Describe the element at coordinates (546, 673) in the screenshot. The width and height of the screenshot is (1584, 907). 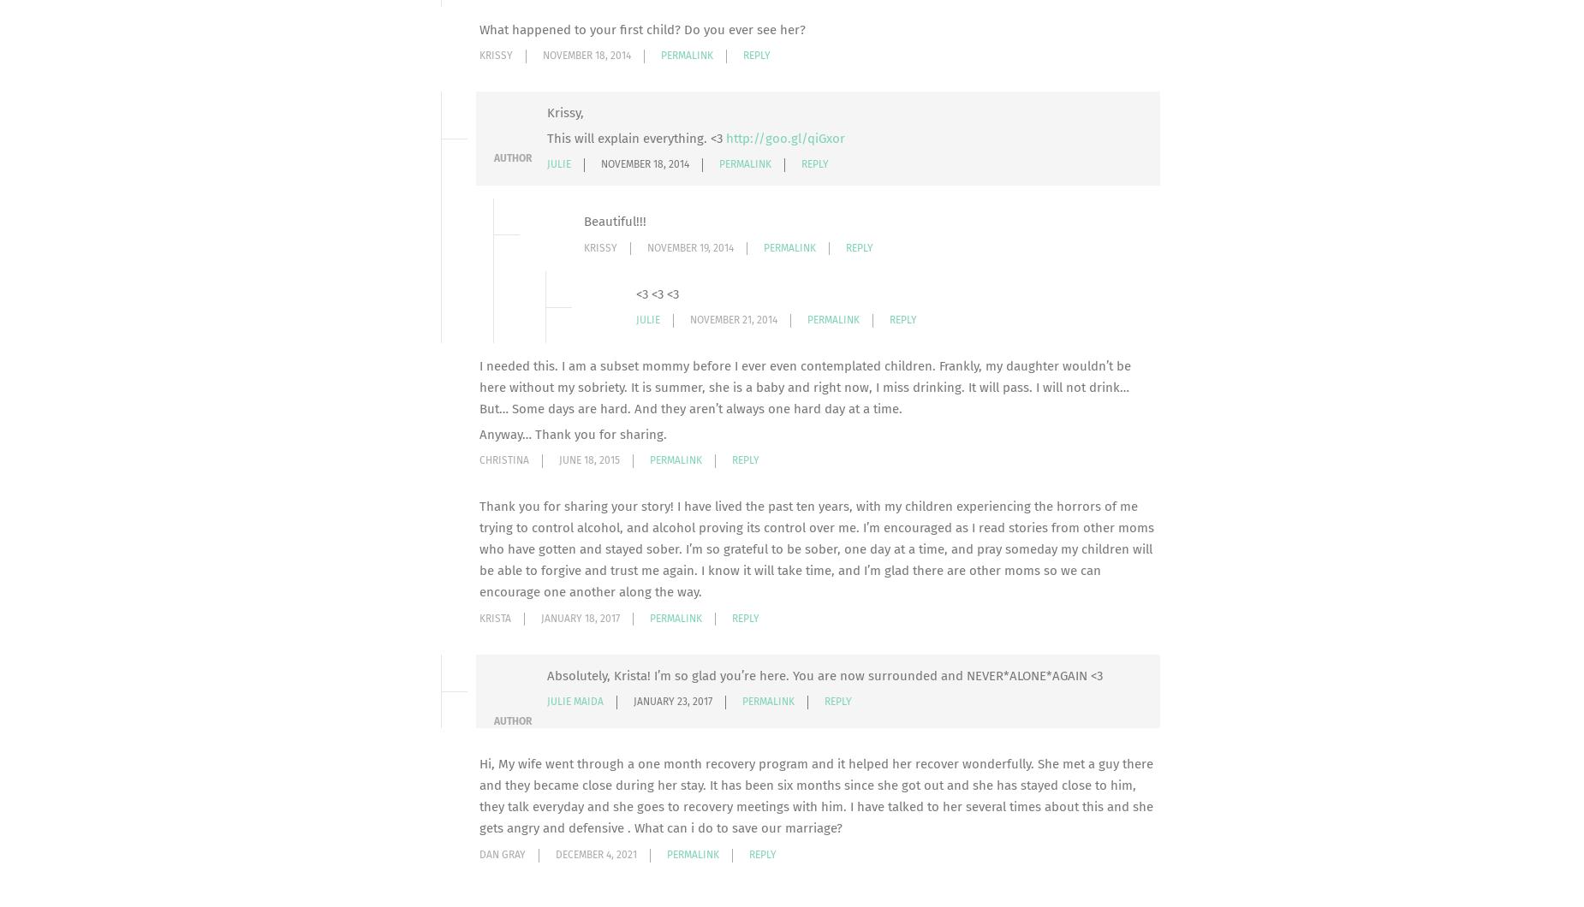
I see `'Absolutely, Krista! I’m so glad you’re here. You are now surrounded and NEVER*ALONE*AGAIN <3'` at that location.